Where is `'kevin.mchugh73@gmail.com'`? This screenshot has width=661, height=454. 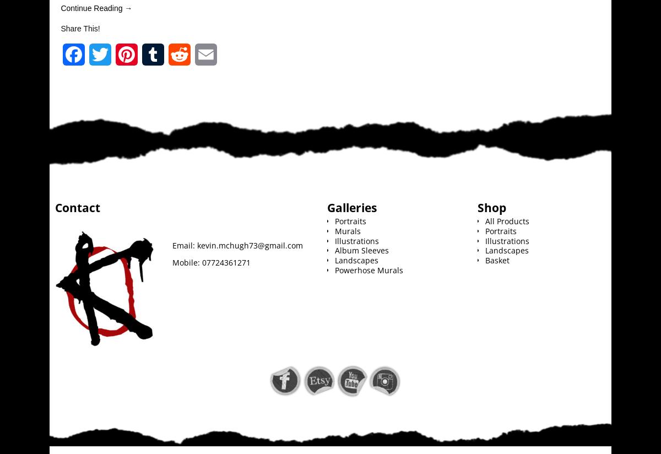 'kevin.mchugh73@gmail.com' is located at coordinates (197, 244).